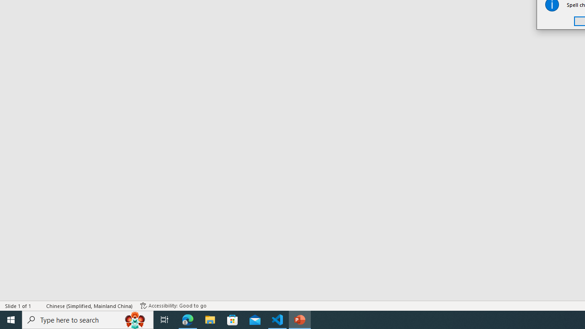 The width and height of the screenshot is (585, 329). I want to click on 'Accessibility Checker Accessibility: Good to go', so click(173, 306).